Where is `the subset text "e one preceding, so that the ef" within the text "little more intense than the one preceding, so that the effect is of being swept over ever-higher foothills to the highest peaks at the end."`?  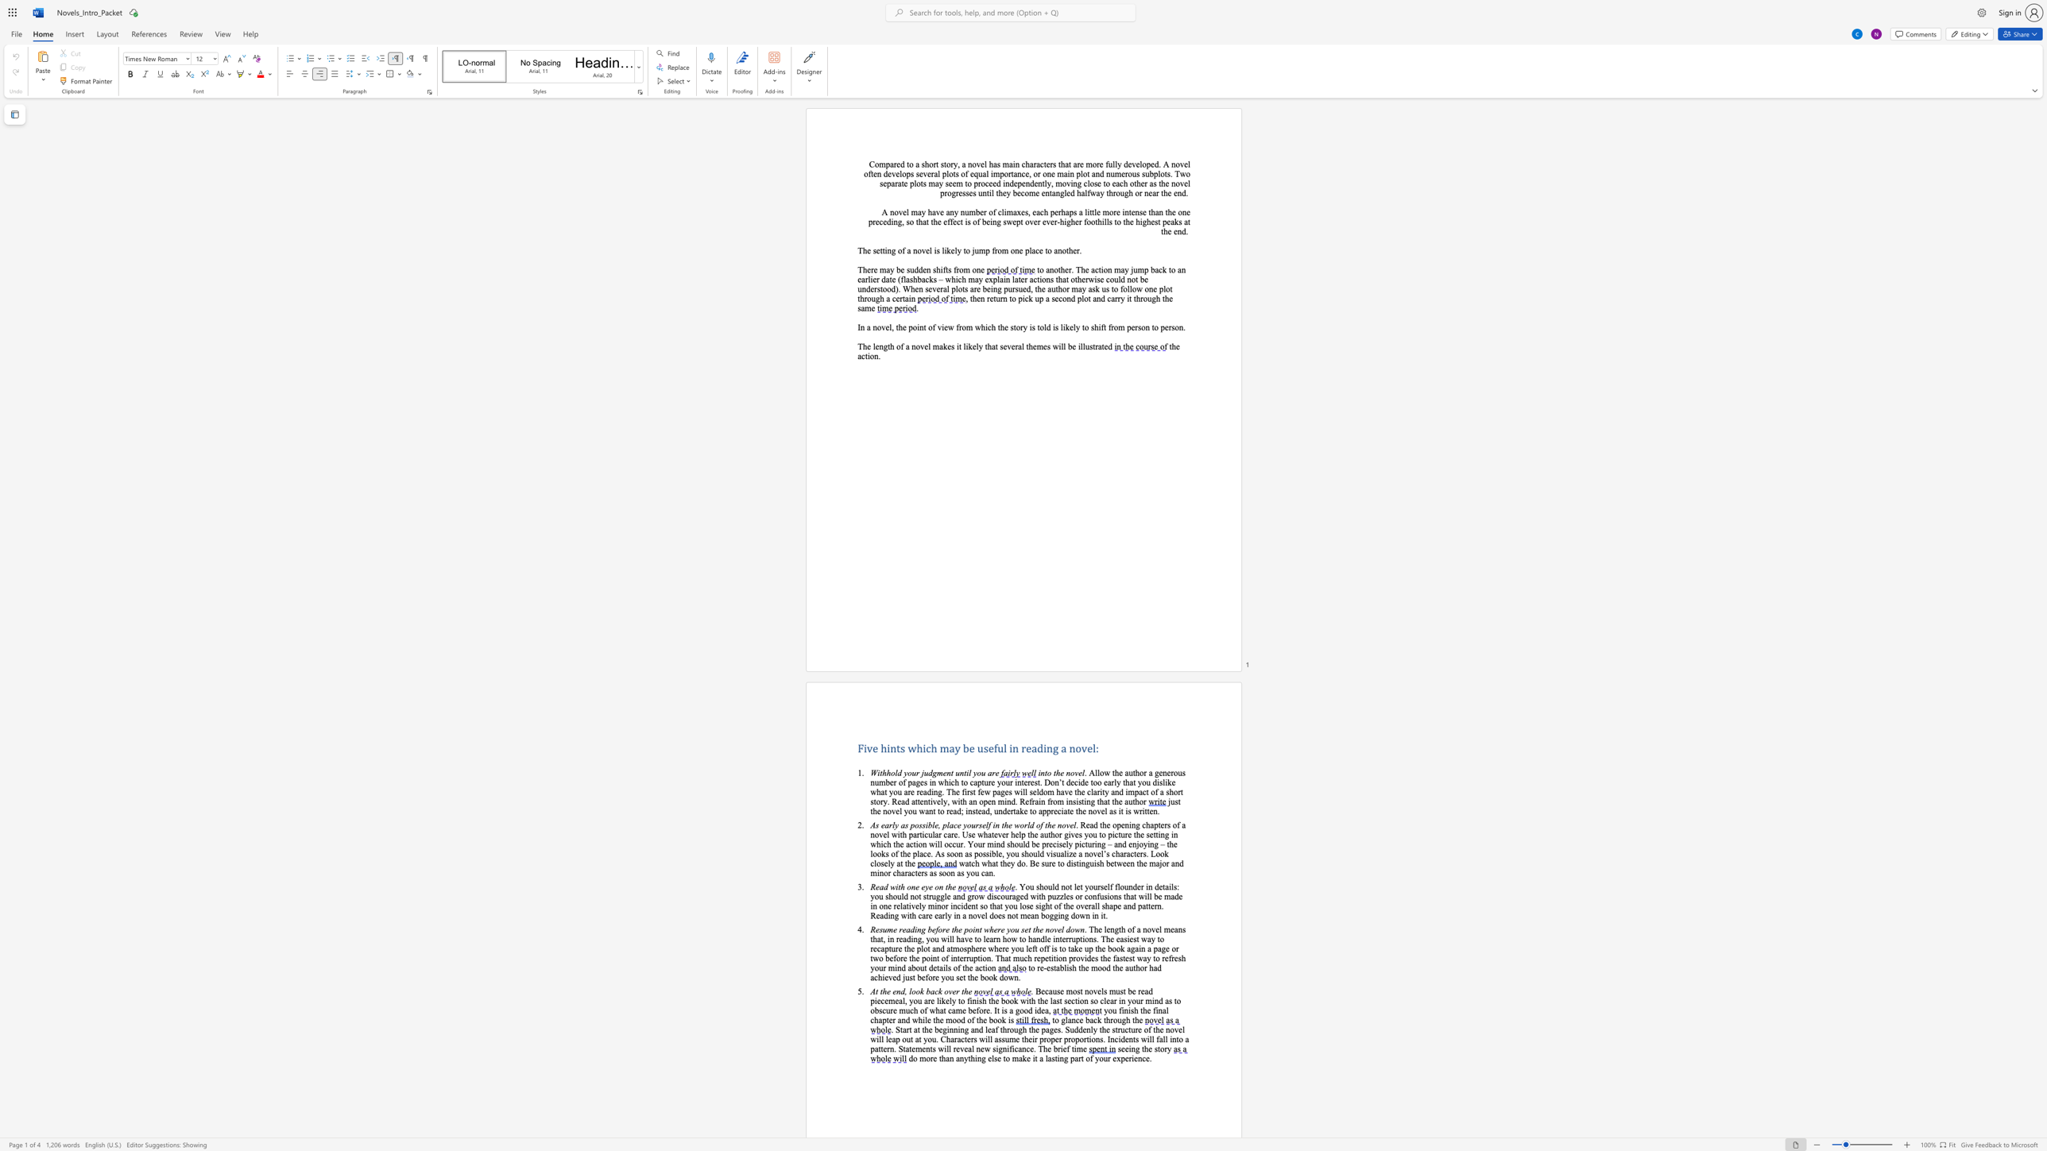 the subset text "e one preceding, so that the ef" within the text "little more intense than the one preceding, so that the effect is of being swept over ever-higher foothills to the highest peaks at the end." is located at coordinates (1171, 212).